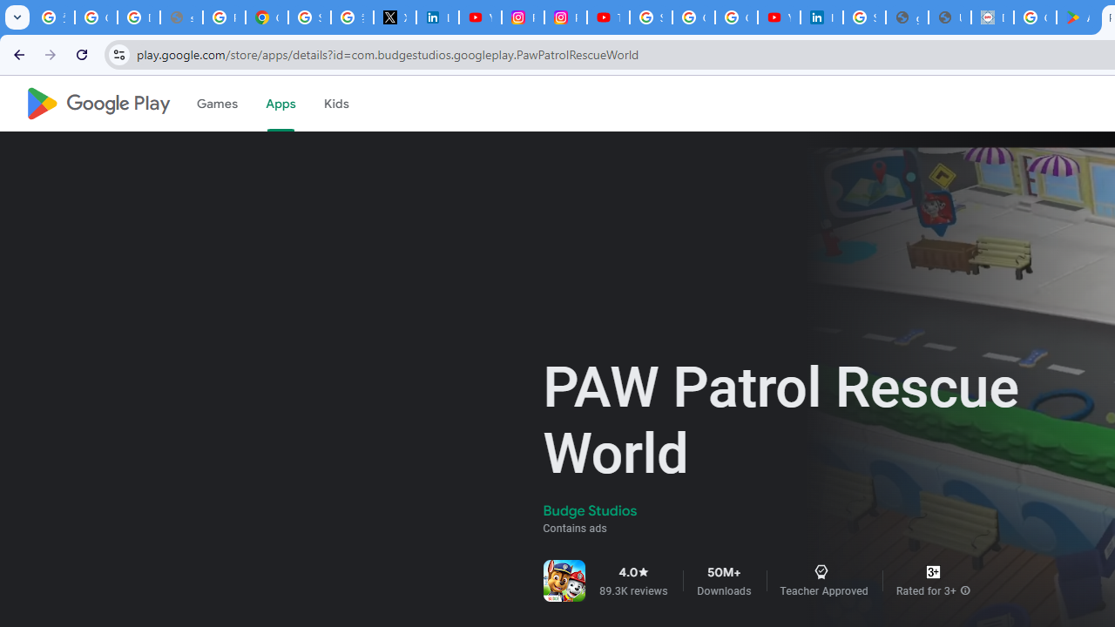 The height and width of the screenshot is (627, 1115). Describe the element at coordinates (335, 104) in the screenshot. I see `'Kids'` at that location.